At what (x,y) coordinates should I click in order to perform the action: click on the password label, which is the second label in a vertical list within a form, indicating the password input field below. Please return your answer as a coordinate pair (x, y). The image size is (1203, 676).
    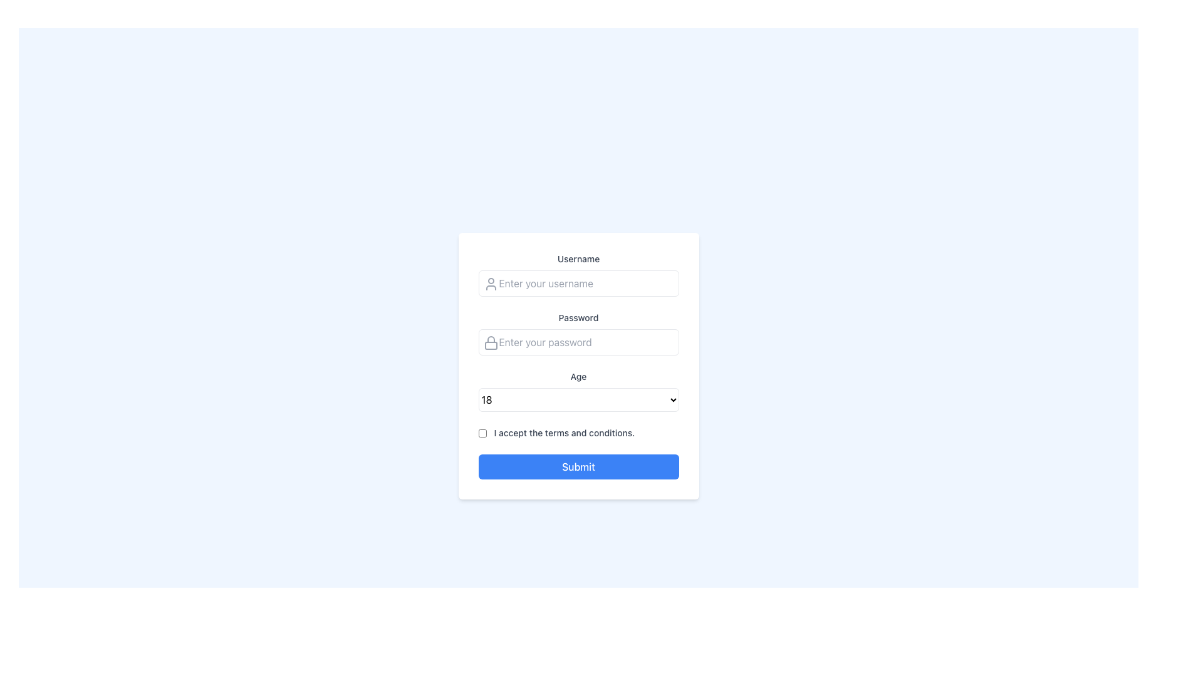
    Looking at the image, I should click on (578, 317).